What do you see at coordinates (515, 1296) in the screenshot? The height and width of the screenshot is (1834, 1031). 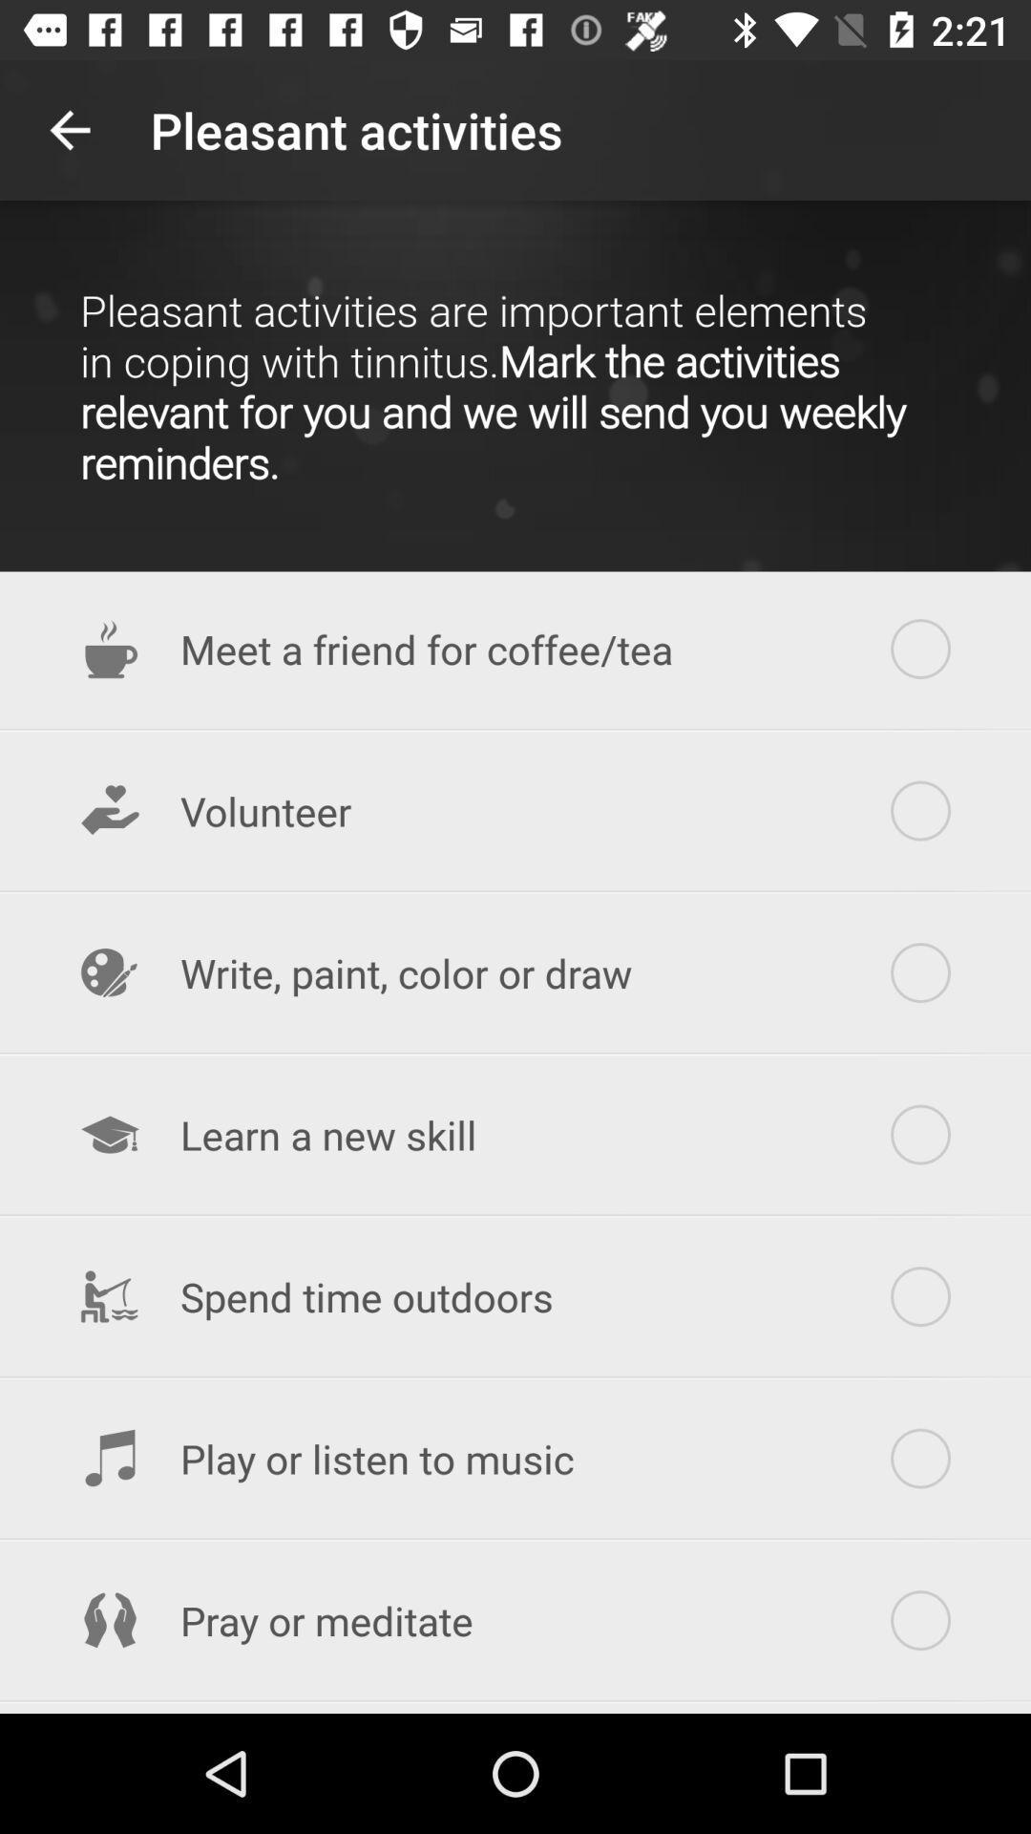 I see `icon above the play or listen icon` at bounding box center [515, 1296].